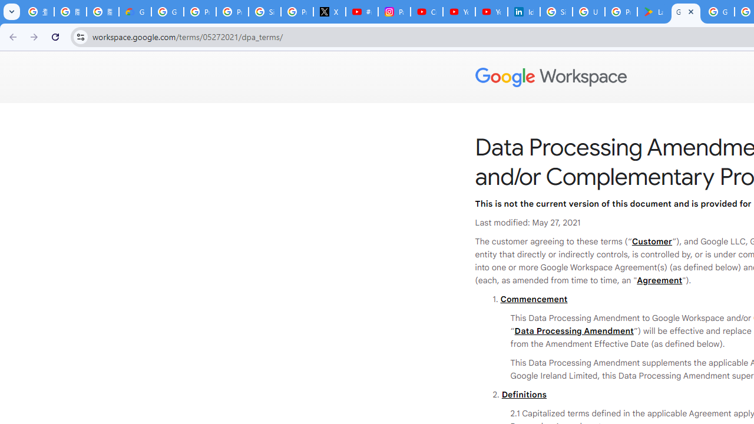 This screenshot has height=424, width=754. I want to click on 'Google Cloud Privacy Notice', so click(135, 12).